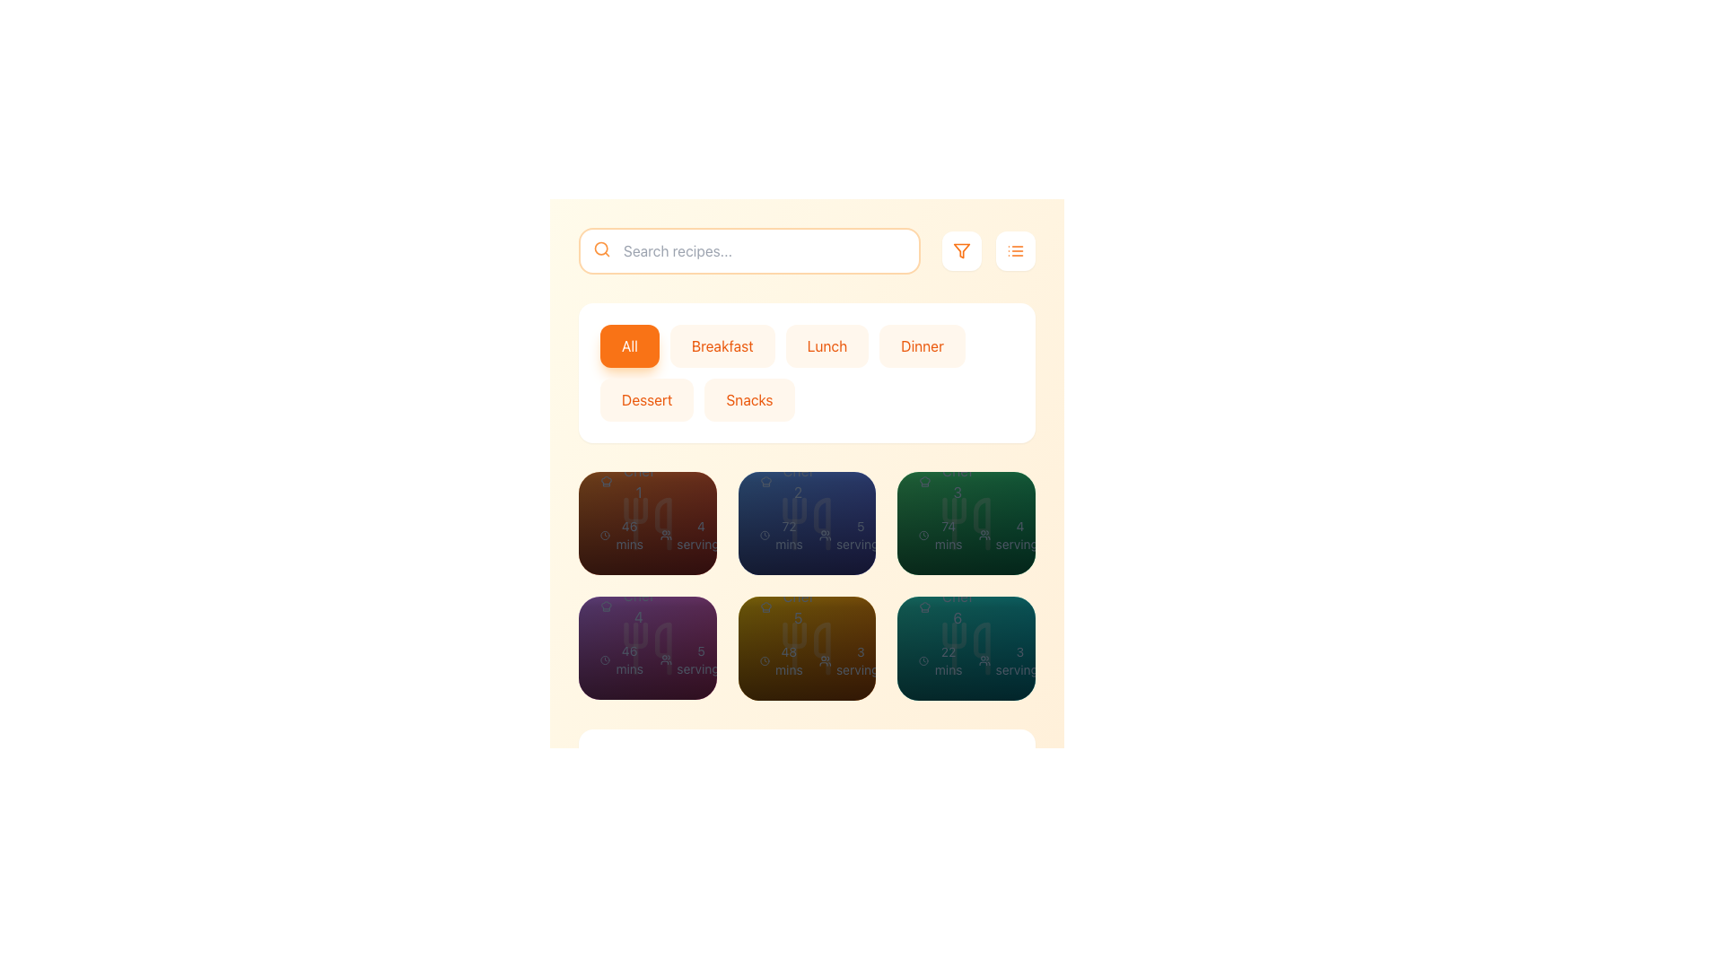 This screenshot has height=969, width=1723. I want to click on the text label displaying '48 mins' located next to the clock icon in the second card of the second row, so click(782, 660).